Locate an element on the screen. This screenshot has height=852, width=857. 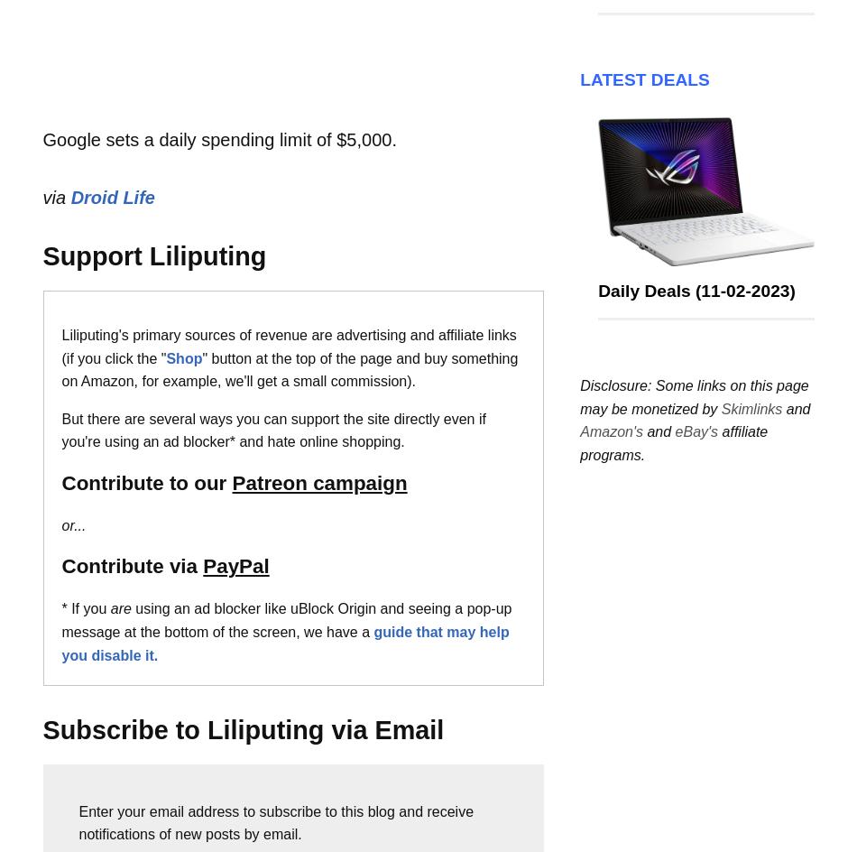
'eBay's' is located at coordinates (695, 431).